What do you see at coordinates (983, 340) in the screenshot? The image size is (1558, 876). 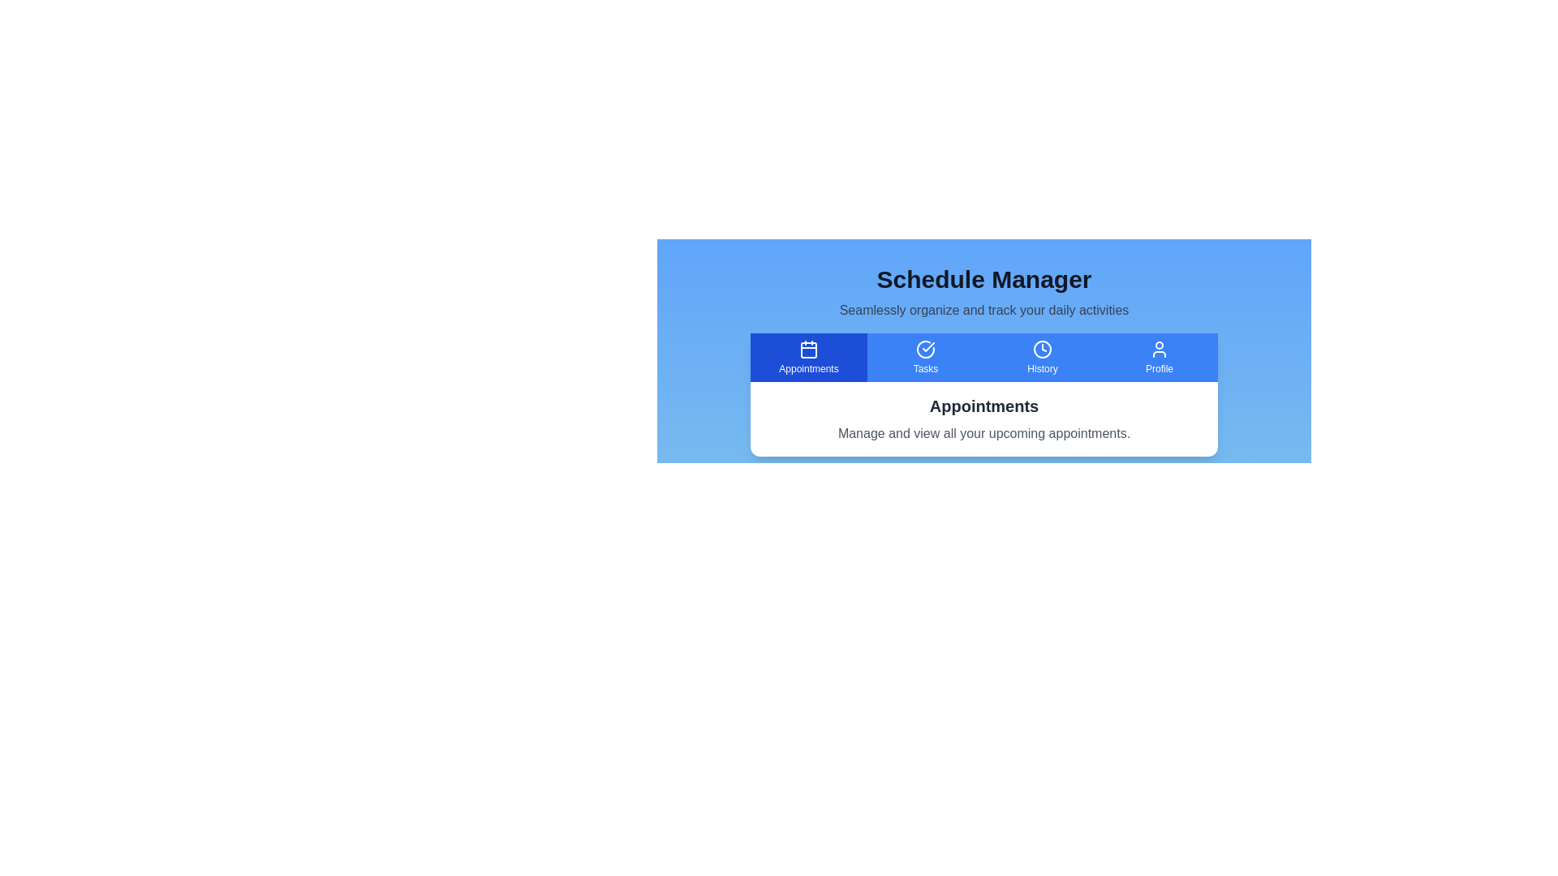 I see `the Tab menu bar located below the 'Schedule Manager' title to switch the view` at bounding box center [983, 340].